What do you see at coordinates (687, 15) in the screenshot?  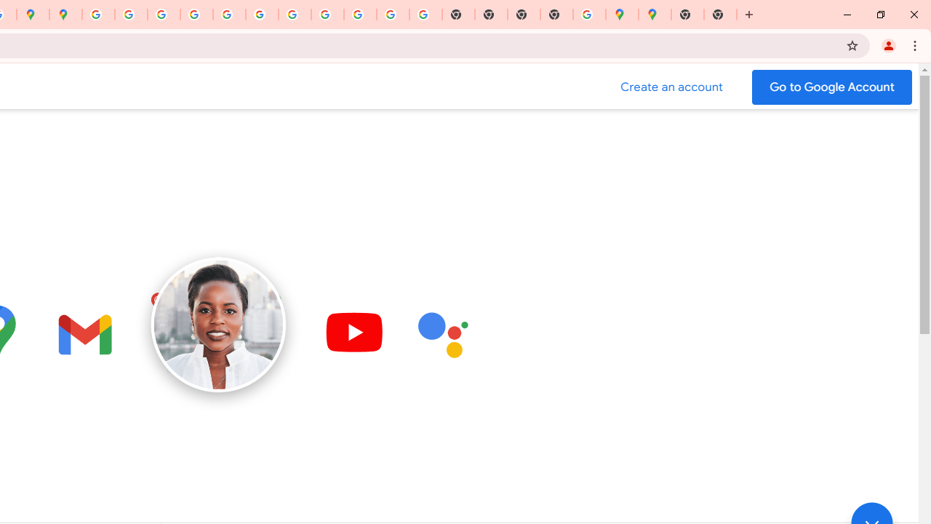 I see `'New Tab'` at bounding box center [687, 15].